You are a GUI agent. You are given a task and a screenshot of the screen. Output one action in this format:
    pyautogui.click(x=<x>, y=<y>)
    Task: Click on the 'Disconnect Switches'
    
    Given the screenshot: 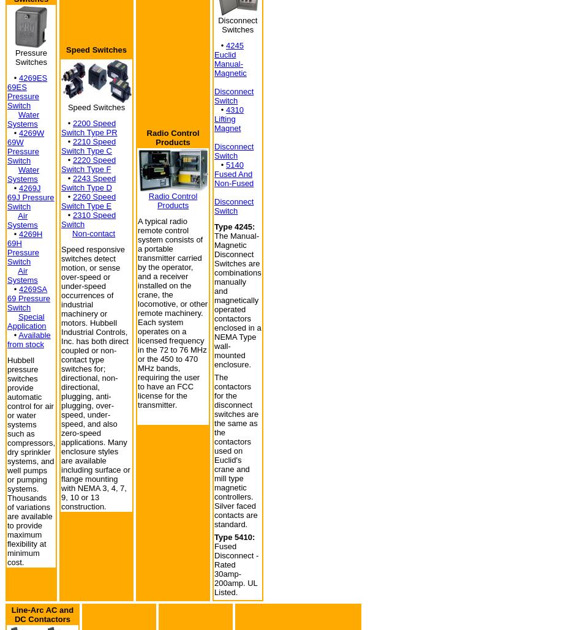 What is the action you would take?
    pyautogui.click(x=238, y=24)
    